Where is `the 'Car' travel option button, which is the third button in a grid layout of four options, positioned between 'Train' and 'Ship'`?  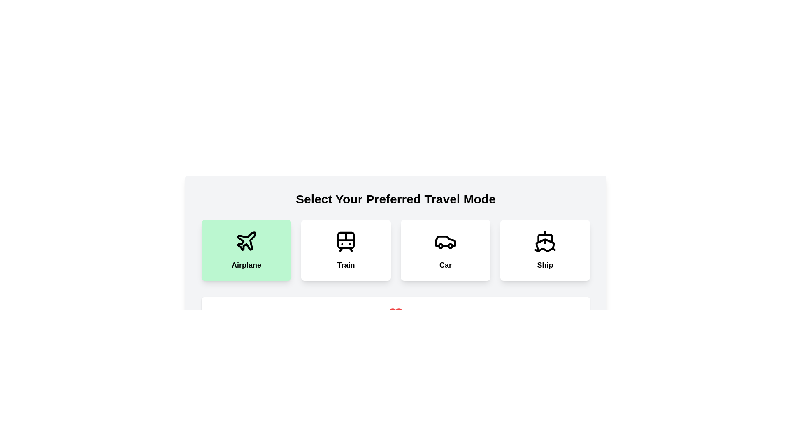 the 'Car' travel option button, which is the third button in a grid layout of four options, positioned between 'Train' and 'Ship' is located at coordinates (445, 250).